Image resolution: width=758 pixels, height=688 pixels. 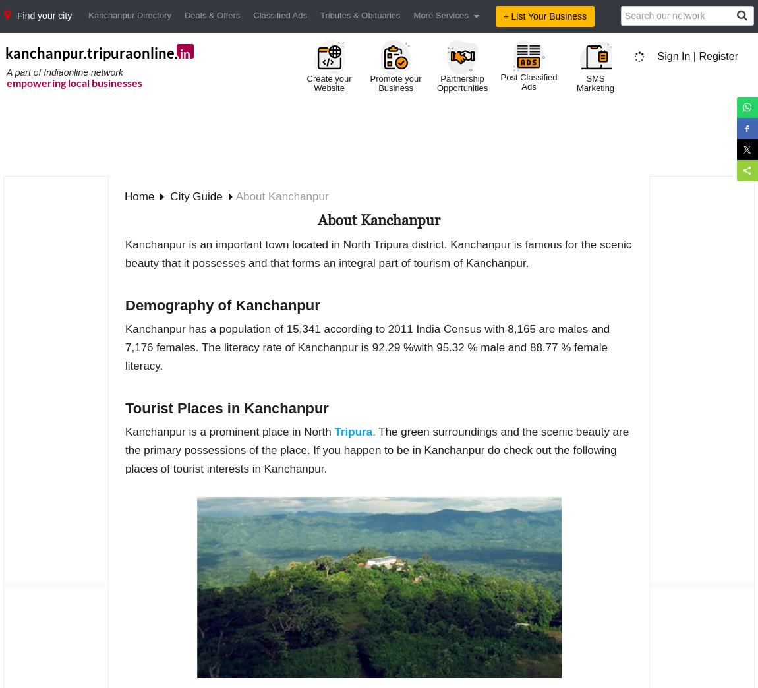 I want to click on 'SMS Marketing', so click(x=595, y=83).